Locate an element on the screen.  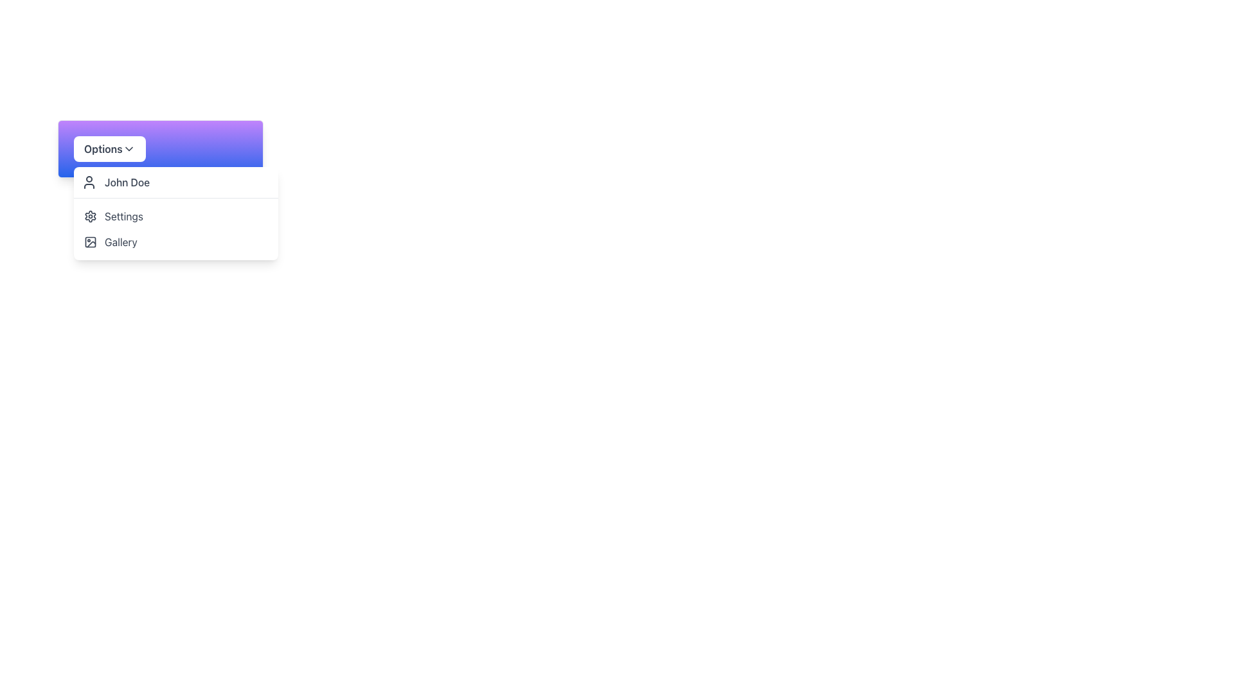
the uppermost component of the gallery icon, which is positioned next to the labeled menu option 'Gallery' in the dropdown menu is located at coordinates (89, 242).